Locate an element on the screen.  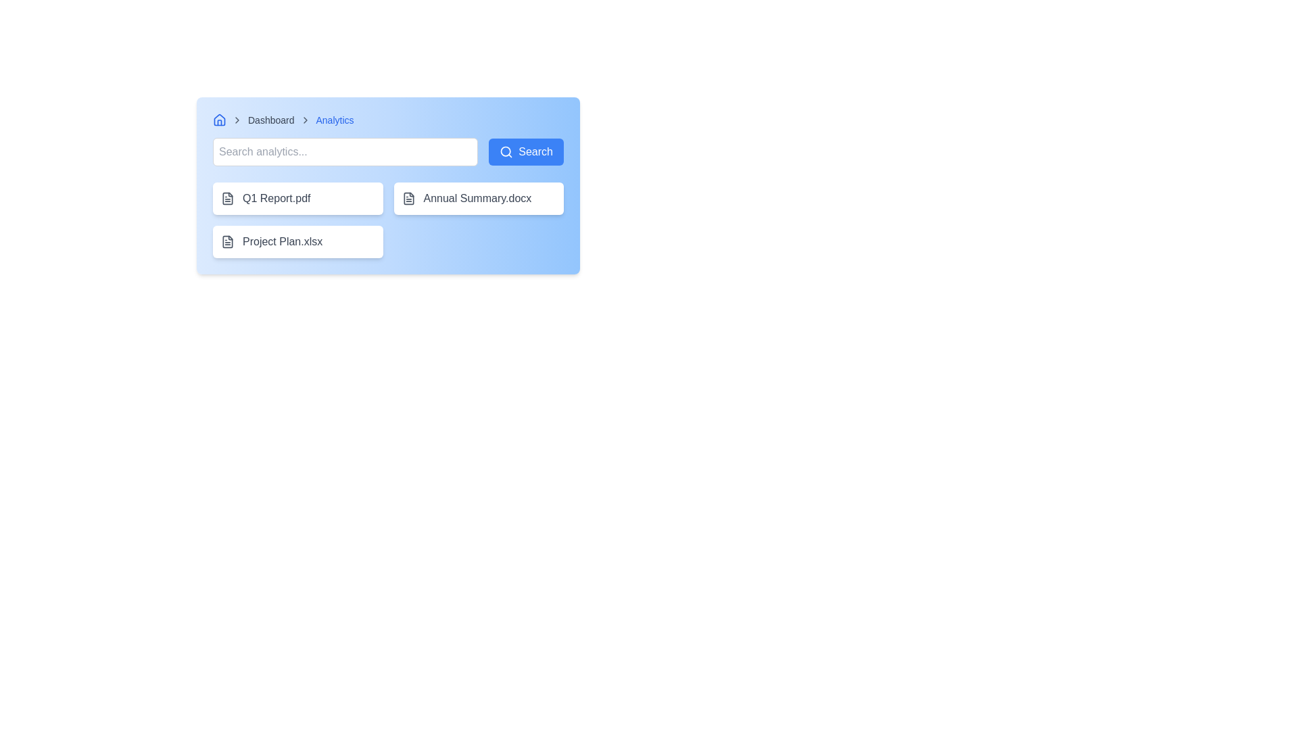
the text label displaying 'Annual Summary.docx', which is the second file entry is located at coordinates (477, 198).